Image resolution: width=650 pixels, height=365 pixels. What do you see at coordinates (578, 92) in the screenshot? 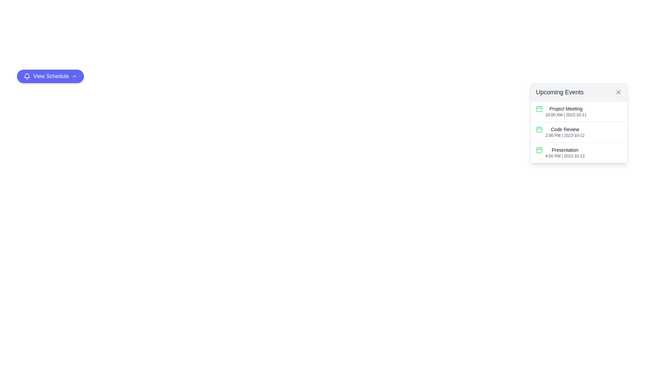
I see `title of the header displaying 'Upcoming Events' located at the top of the pop-up panel with a close button represented by an 'X' icon` at bounding box center [578, 92].